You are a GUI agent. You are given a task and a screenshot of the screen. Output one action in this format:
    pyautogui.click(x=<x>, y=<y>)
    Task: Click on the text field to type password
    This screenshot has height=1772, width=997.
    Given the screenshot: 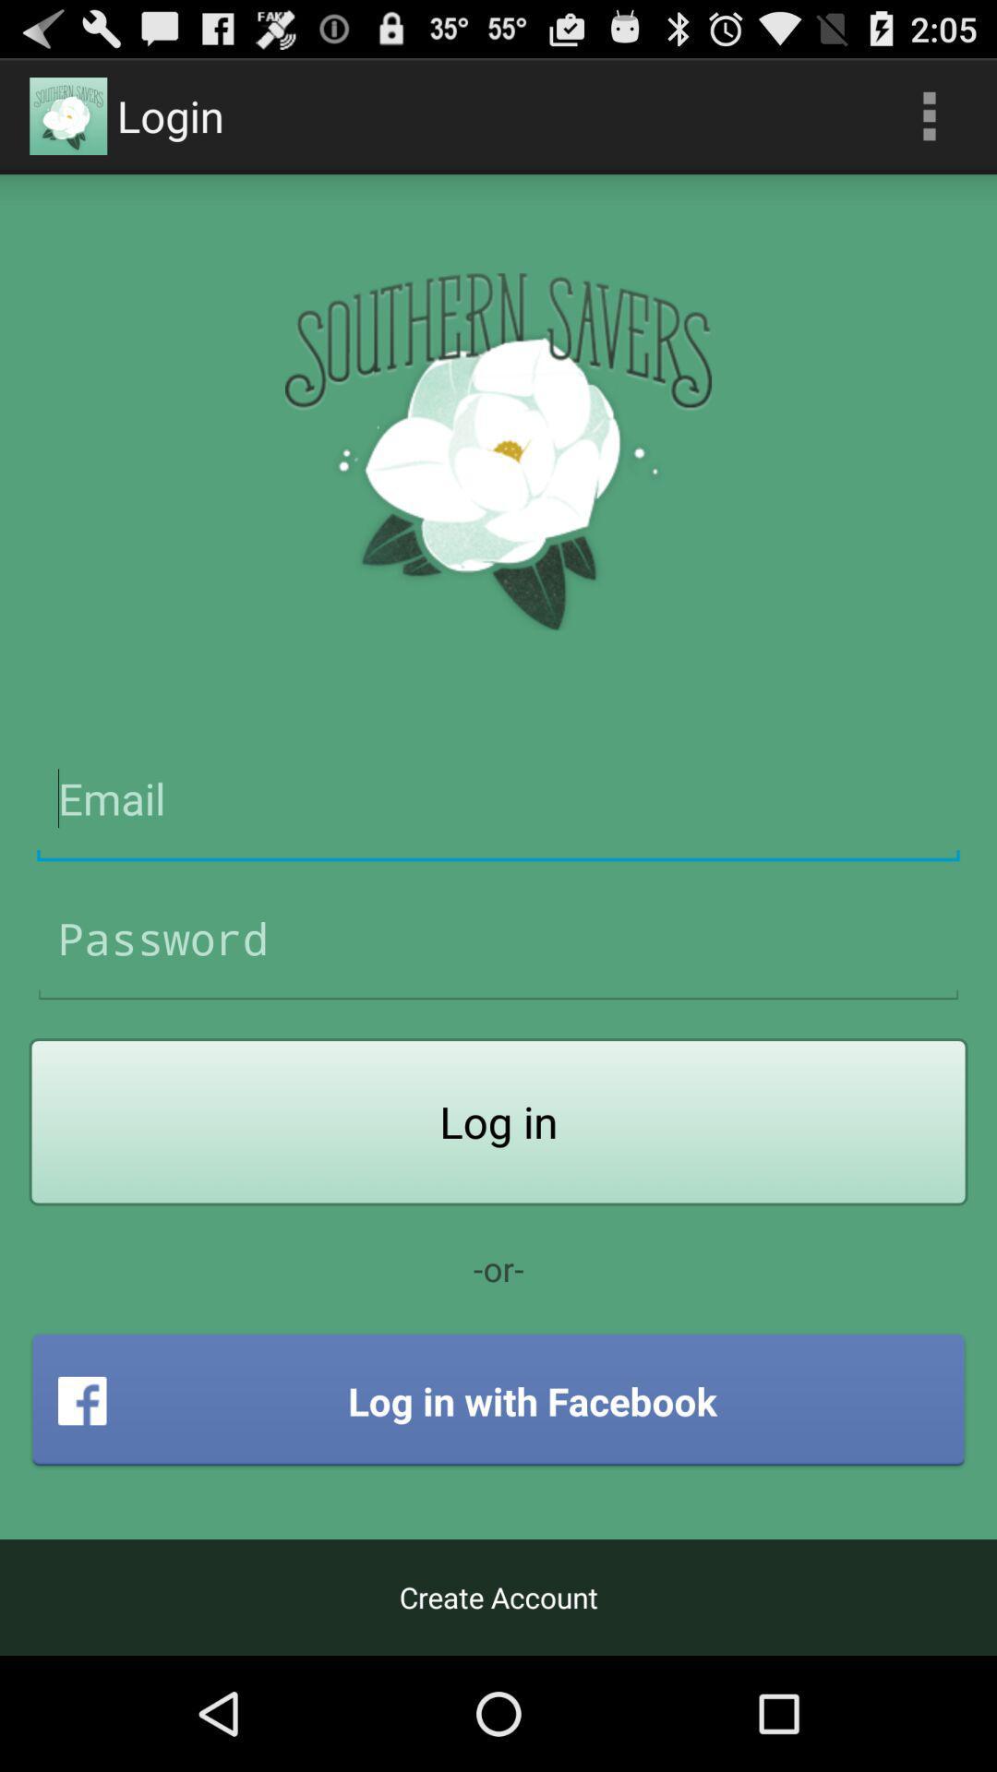 What is the action you would take?
    pyautogui.click(x=498, y=939)
    